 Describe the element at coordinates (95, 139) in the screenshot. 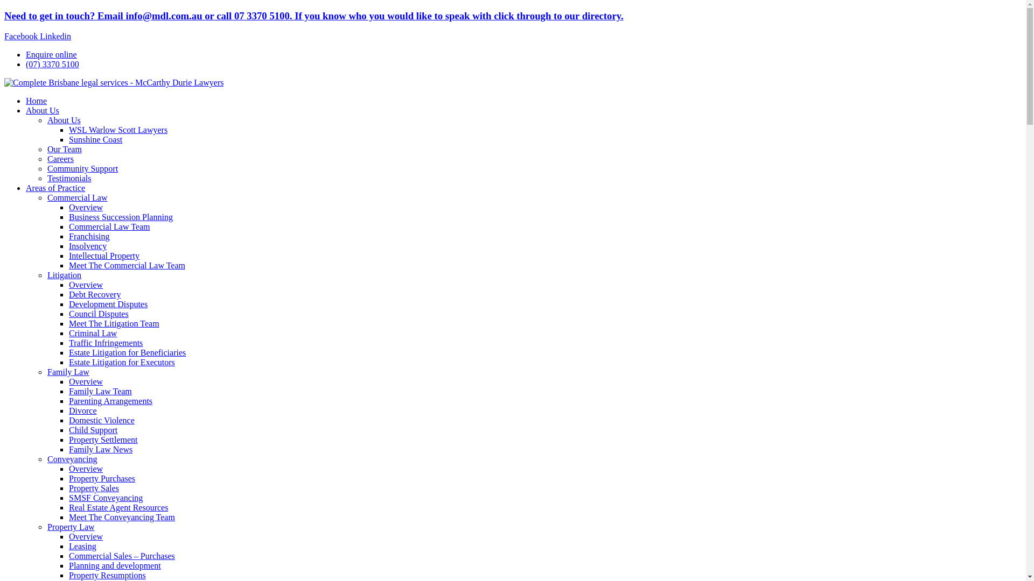

I see `'Sunshine Coast'` at that location.